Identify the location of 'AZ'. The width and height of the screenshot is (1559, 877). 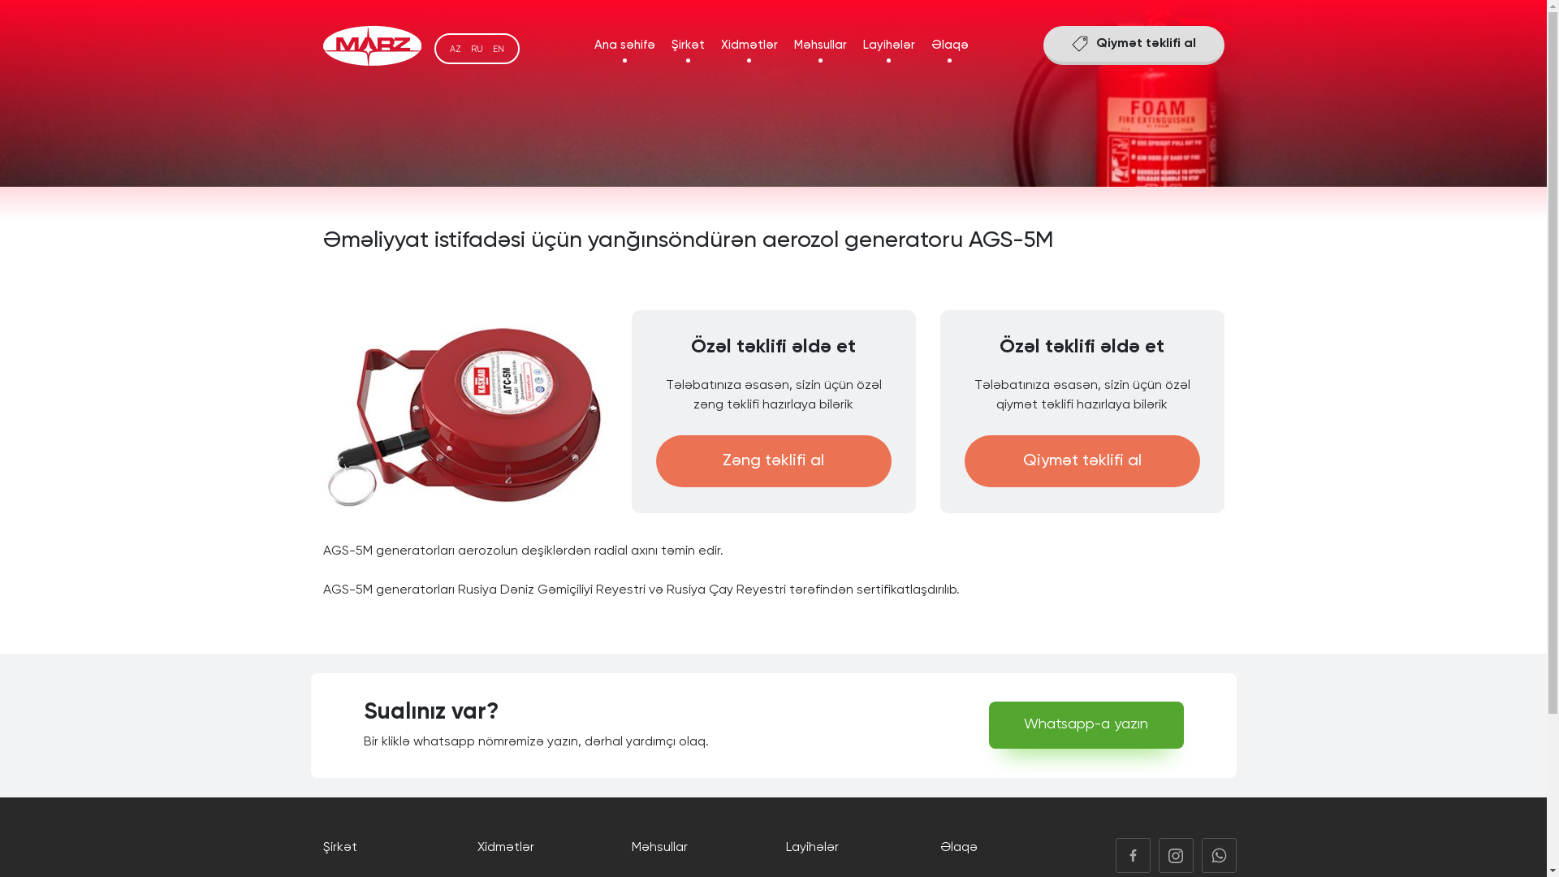
(455, 48).